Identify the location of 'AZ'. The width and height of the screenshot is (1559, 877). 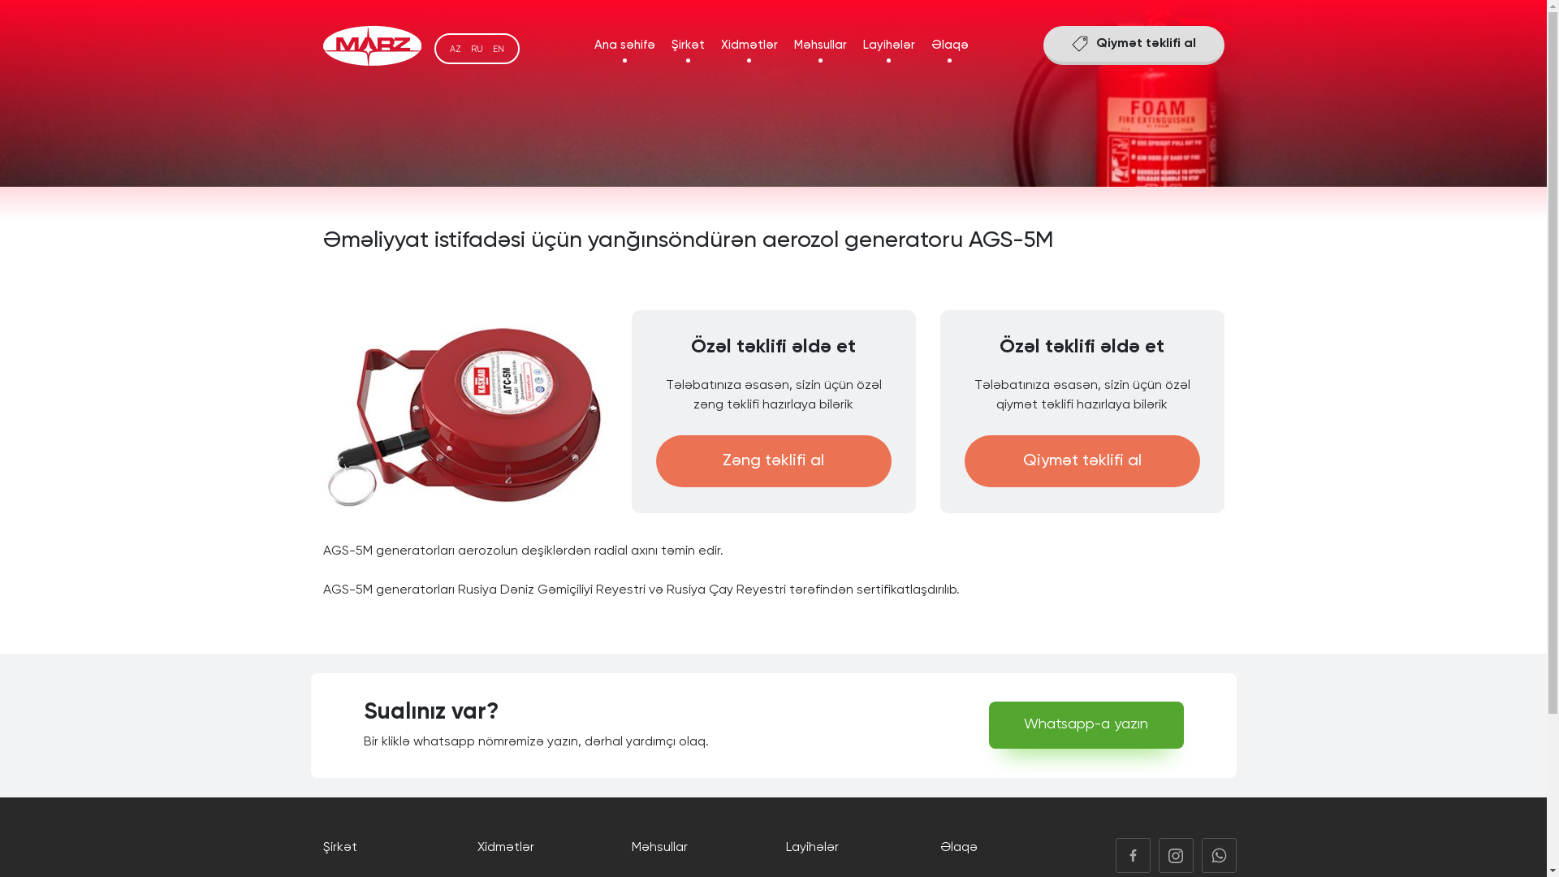
(455, 48).